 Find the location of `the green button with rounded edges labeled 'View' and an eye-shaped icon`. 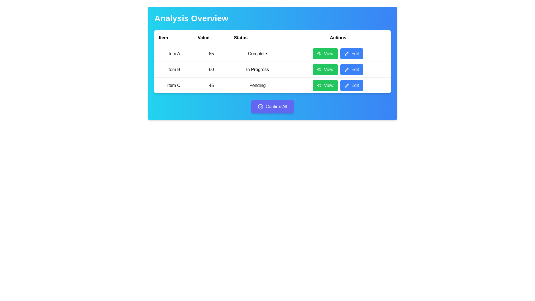

the green button with rounded edges labeled 'View' and an eye-shaped icon is located at coordinates (325, 69).